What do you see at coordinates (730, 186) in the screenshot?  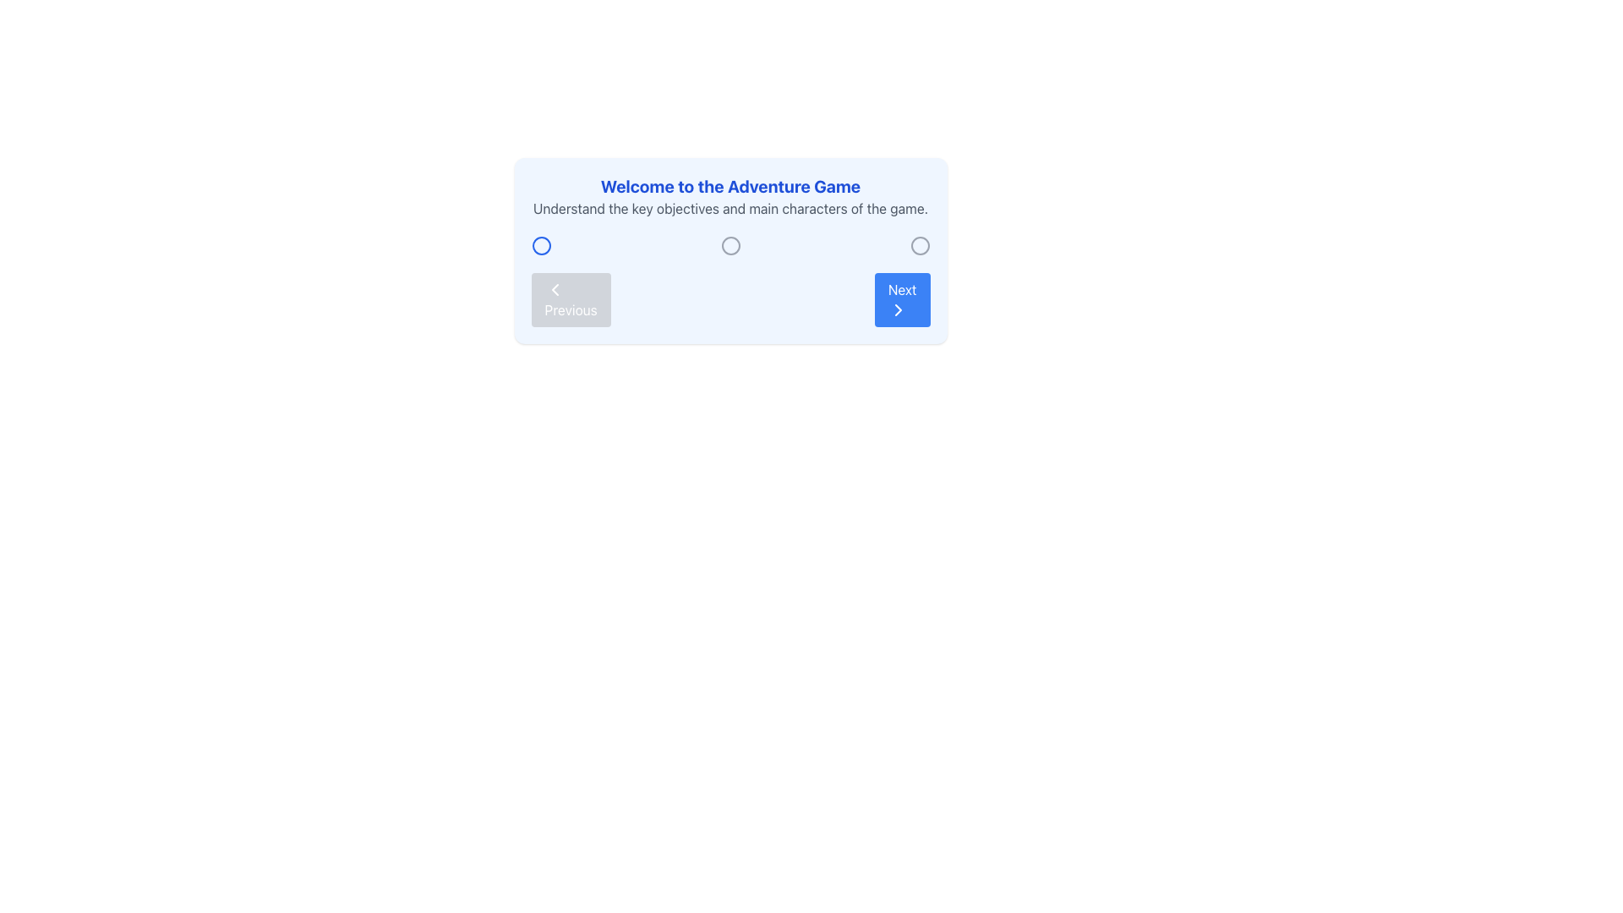 I see `the Text (Heading) that introduces the user to the 'Adventure Game' content, located at the top of the section and above the summary text` at bounding box center [730, 186].